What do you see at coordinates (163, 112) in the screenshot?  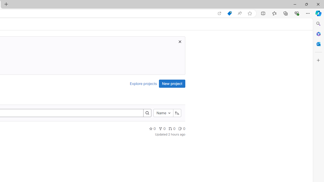 I see `'Name'` at bounding box center [163, 112].